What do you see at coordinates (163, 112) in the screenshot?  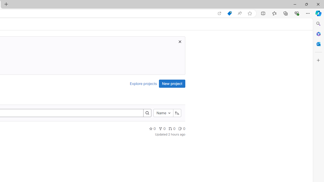 I see `'Name'` at bounding box center [163, 112].